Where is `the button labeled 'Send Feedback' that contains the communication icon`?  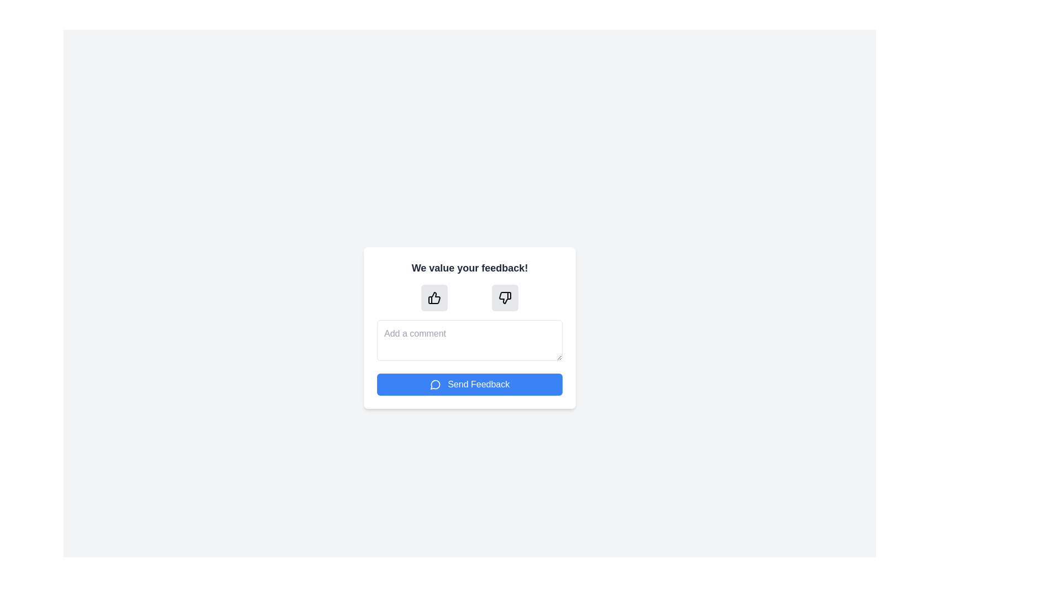 the button labeled 'Send Feedback' that contains the communication icon is located at coordinates (434, 384).